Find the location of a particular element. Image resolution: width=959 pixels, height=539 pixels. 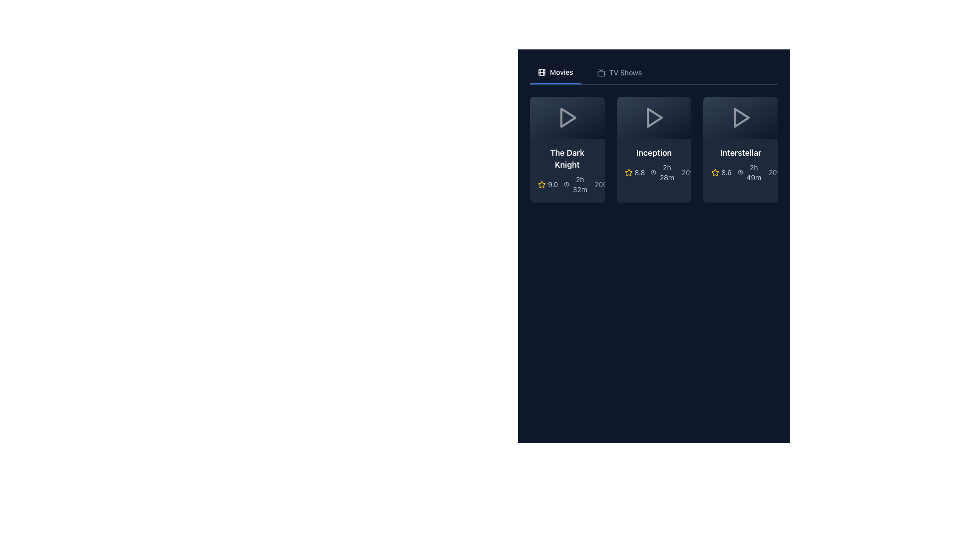

the text label displaying '2h 28m' located within the 'Inception' card in the movie information layout is located at coordinates (667, 172).